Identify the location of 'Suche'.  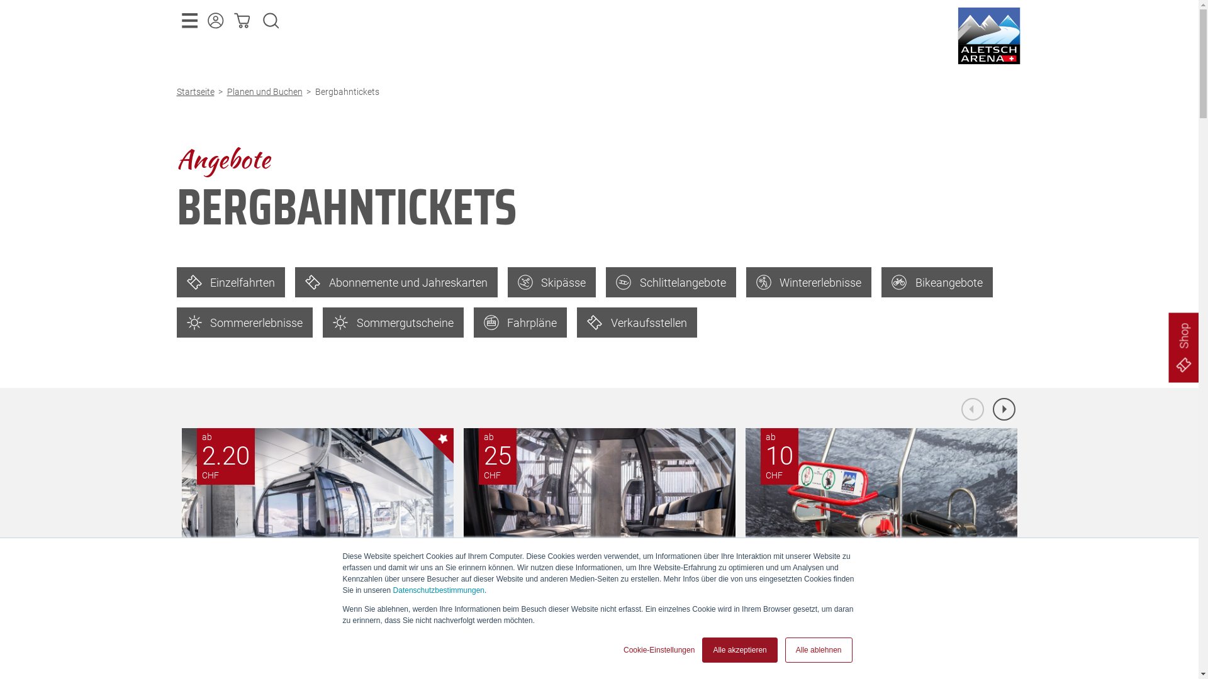
(271, 21).